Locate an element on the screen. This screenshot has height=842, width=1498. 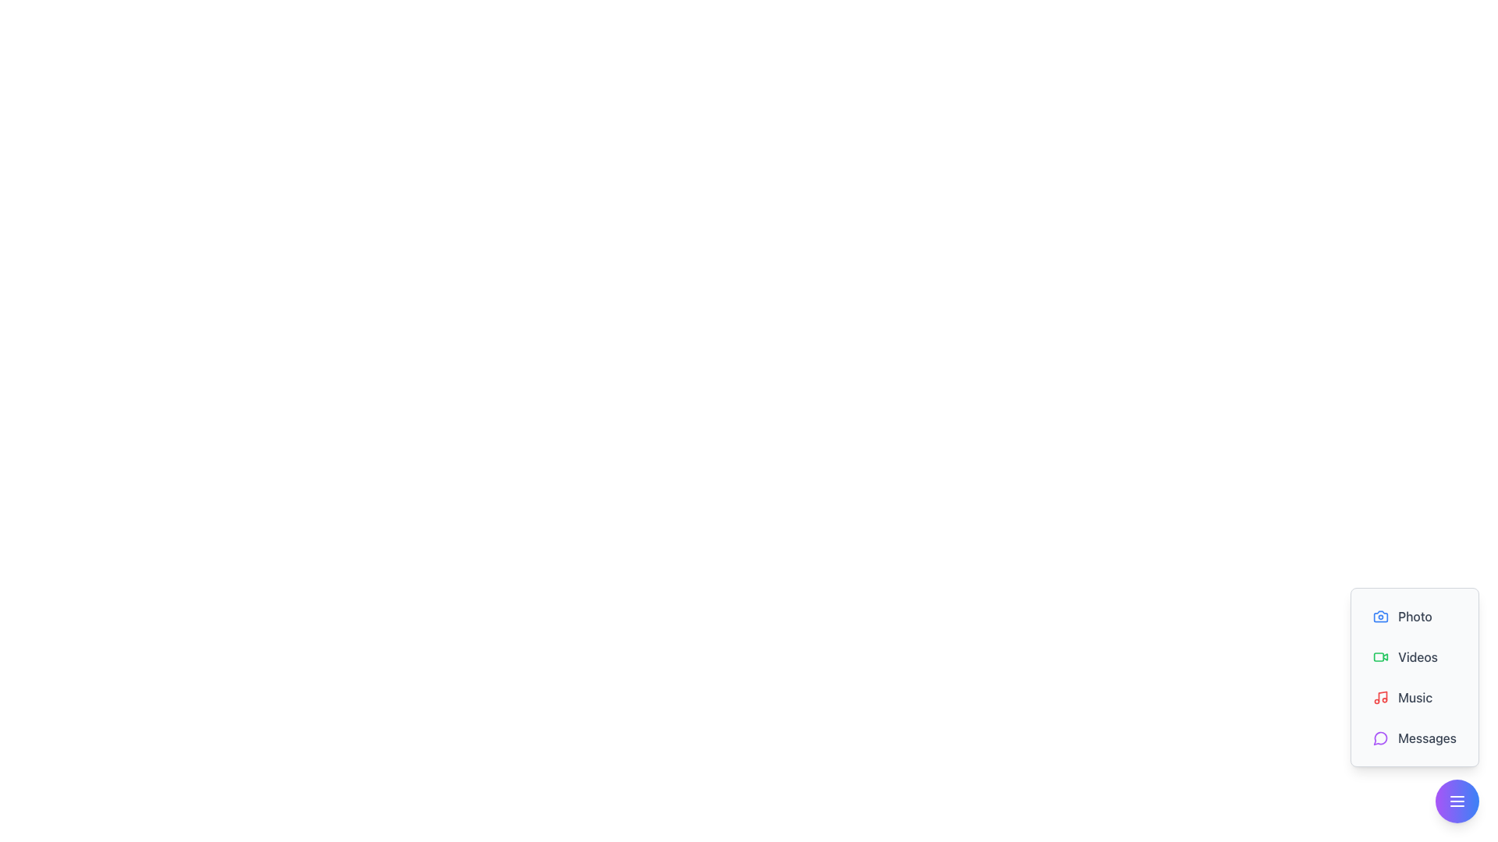
the camera icon with a blue outline located under the 'Photo' label in the menu is located at coordinates (1381, 615).